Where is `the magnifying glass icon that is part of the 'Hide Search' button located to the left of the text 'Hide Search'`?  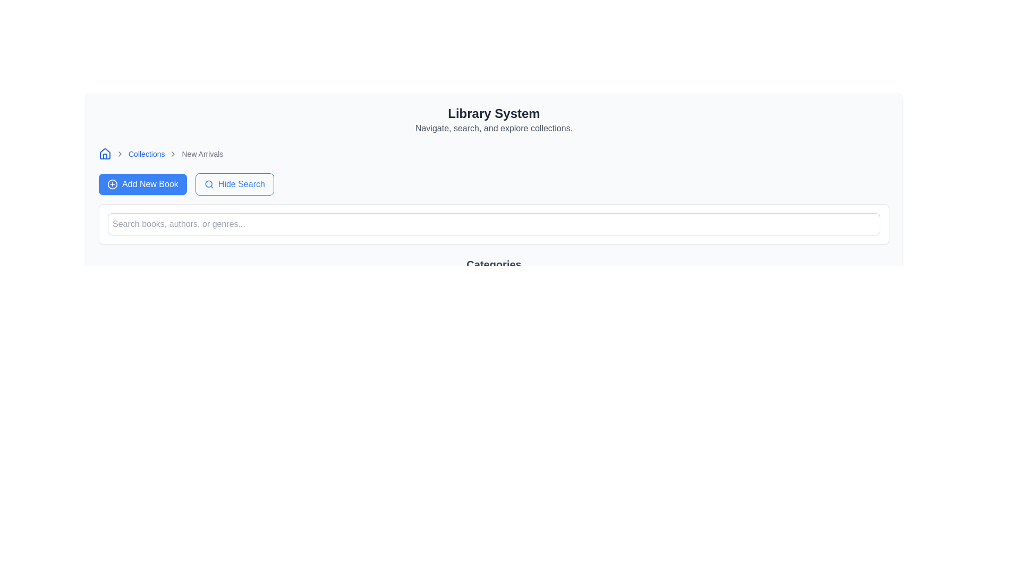 the magnifying glass icon that is part of the 'Hide Search' button located to the left of the text 'Hide Search' is located at coordinates (209, 184).